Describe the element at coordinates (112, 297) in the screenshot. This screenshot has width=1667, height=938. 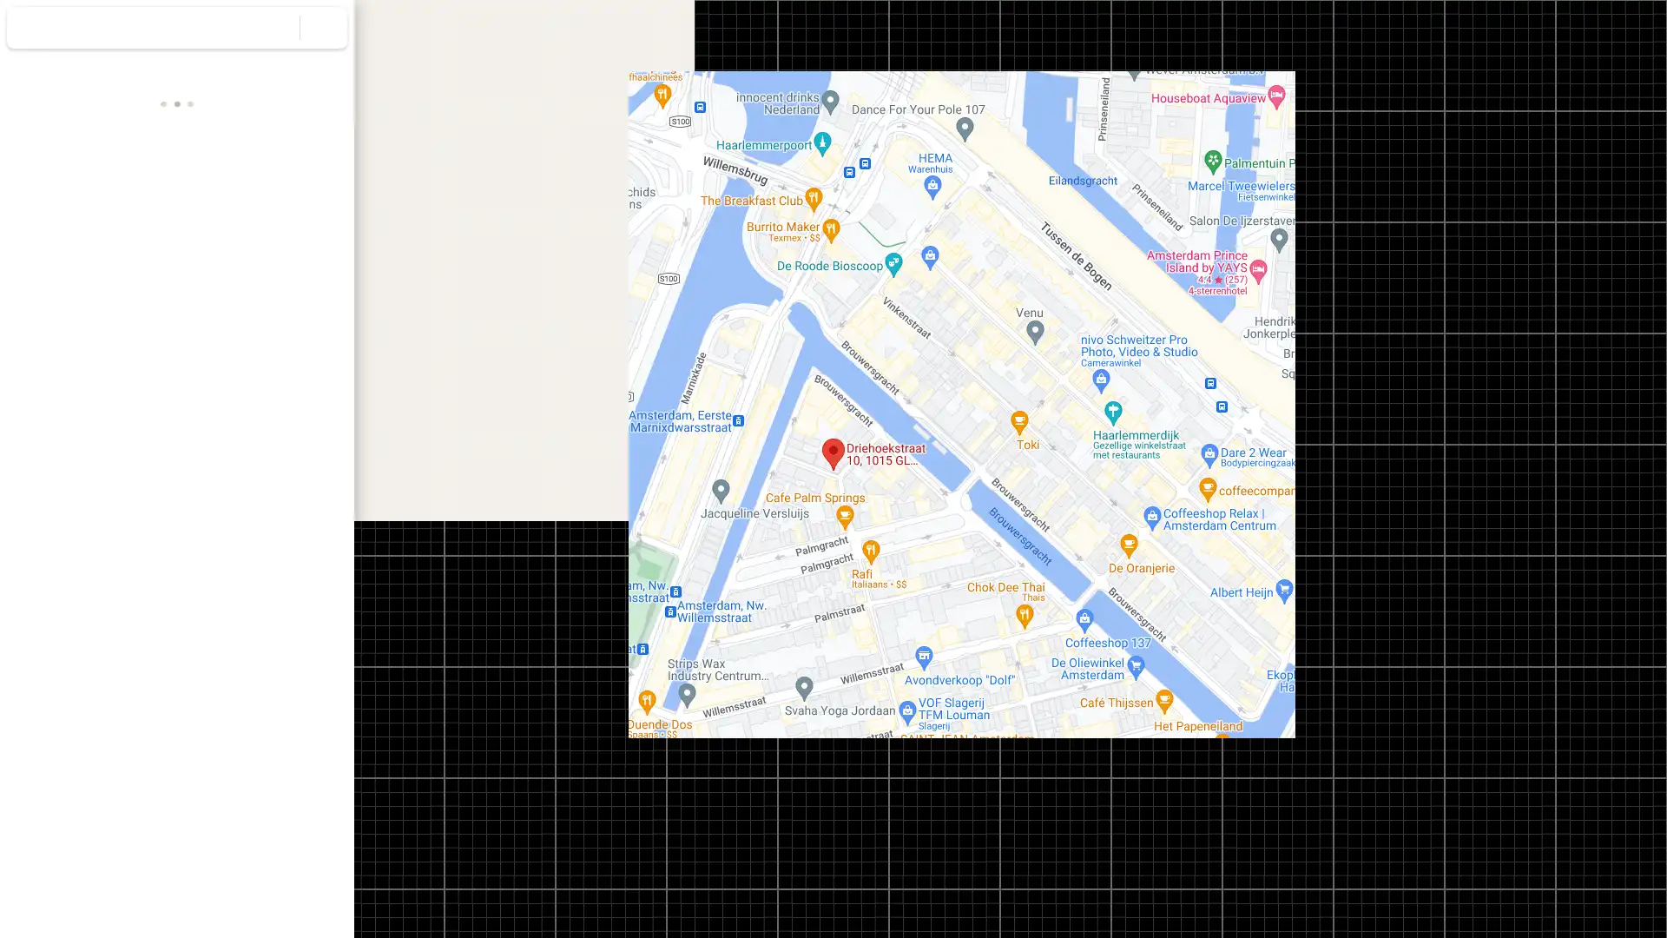
I see `Driehoekstraat 10 opslaan in je lijsten` at that location.